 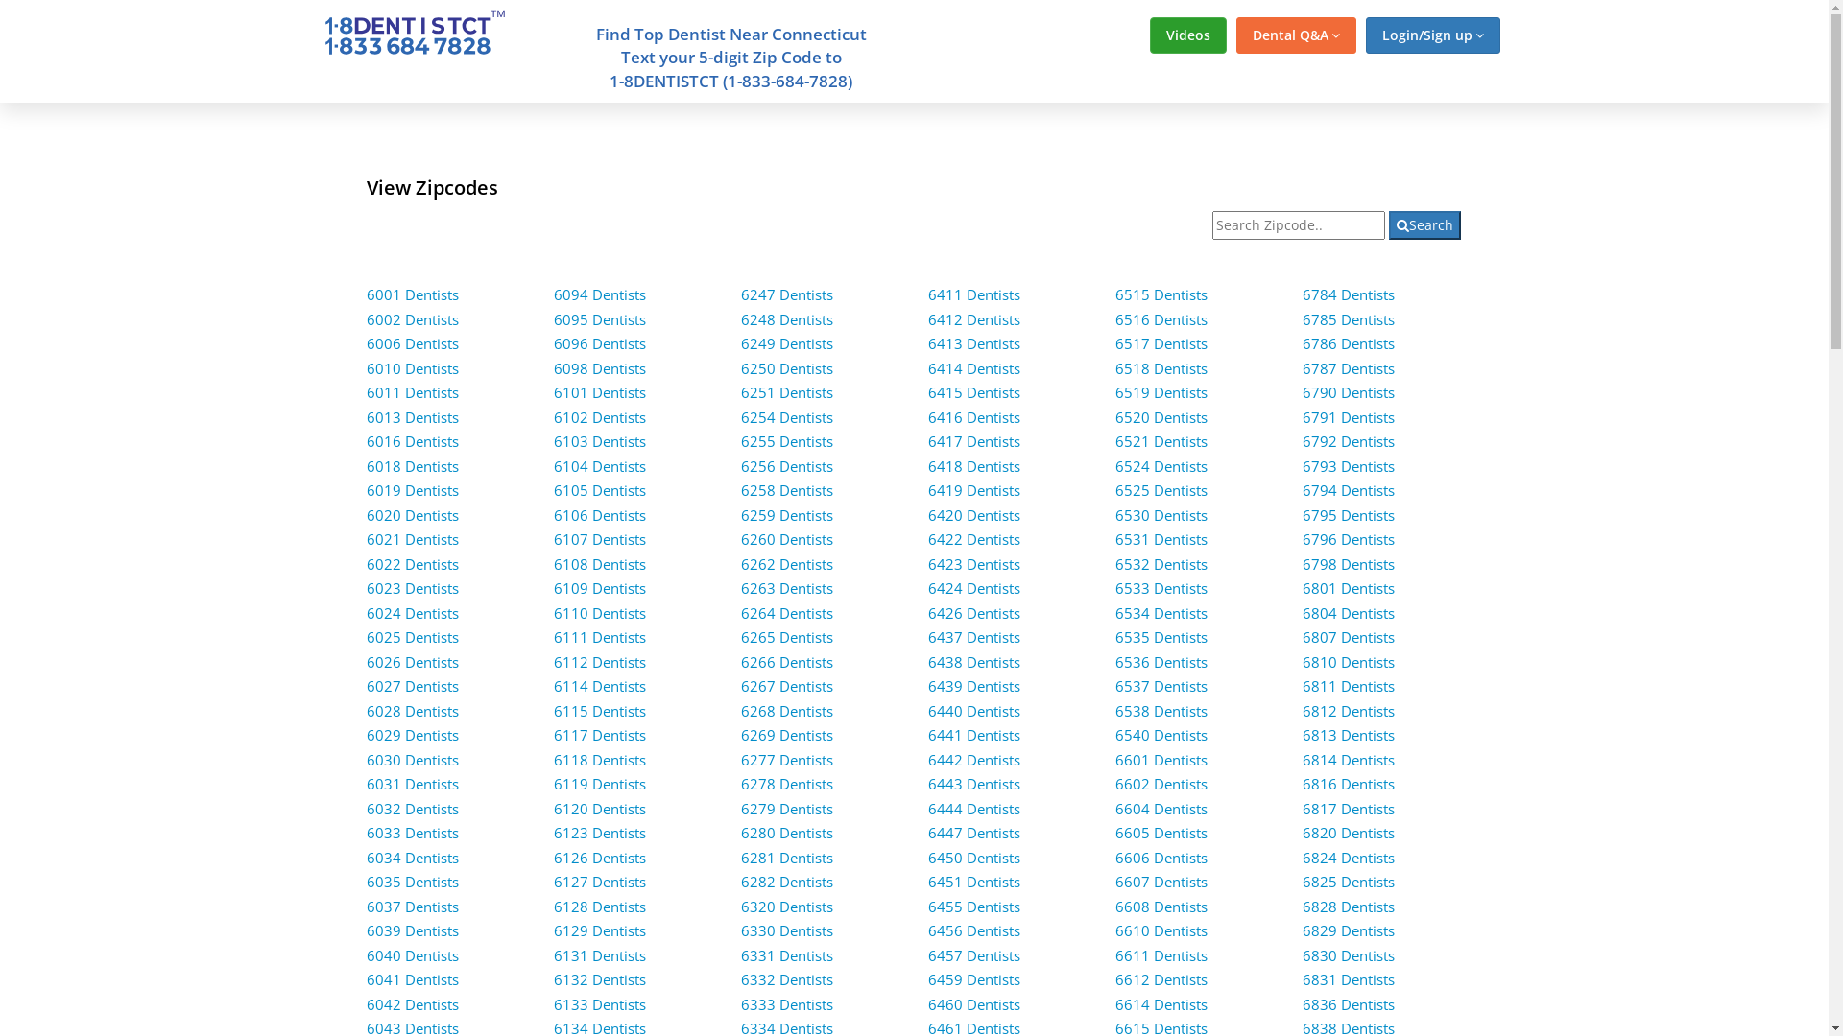 What do you see at coordinates (973, 954) in the screenshot?
I see `'6457 Dentists'` at bounding box center [973, 954].